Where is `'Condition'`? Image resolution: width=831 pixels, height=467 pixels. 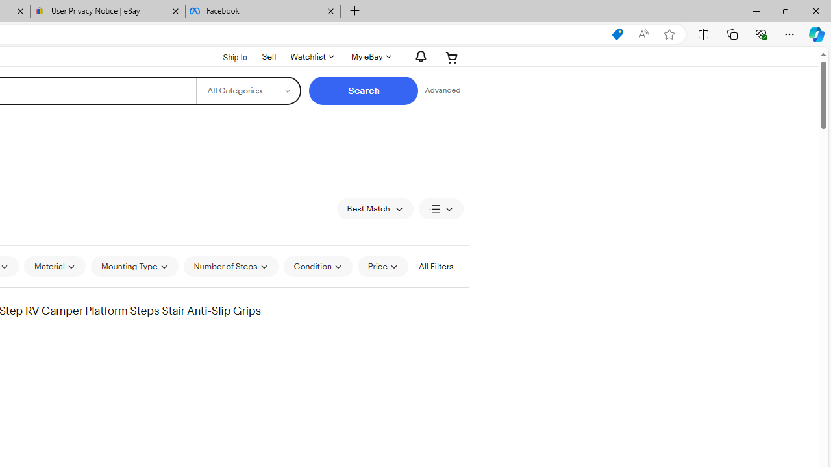 'Condition' is located at coordinates (317, 266).